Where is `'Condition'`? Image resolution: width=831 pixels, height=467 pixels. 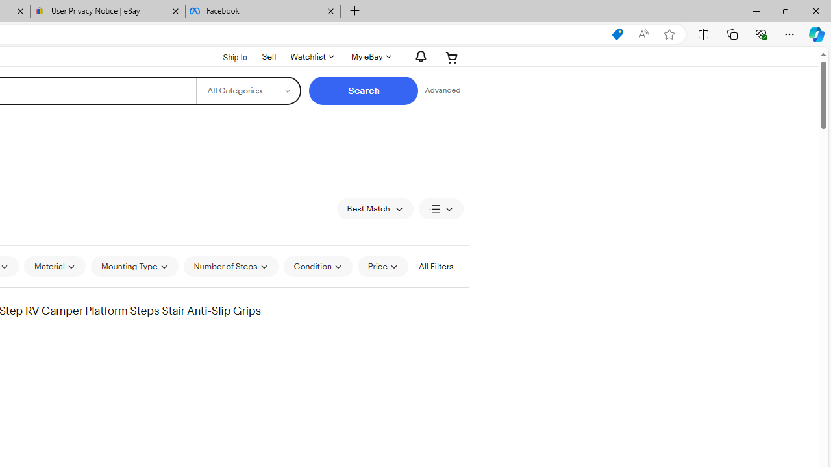 'Condition' is located at coordinates (317, 266).